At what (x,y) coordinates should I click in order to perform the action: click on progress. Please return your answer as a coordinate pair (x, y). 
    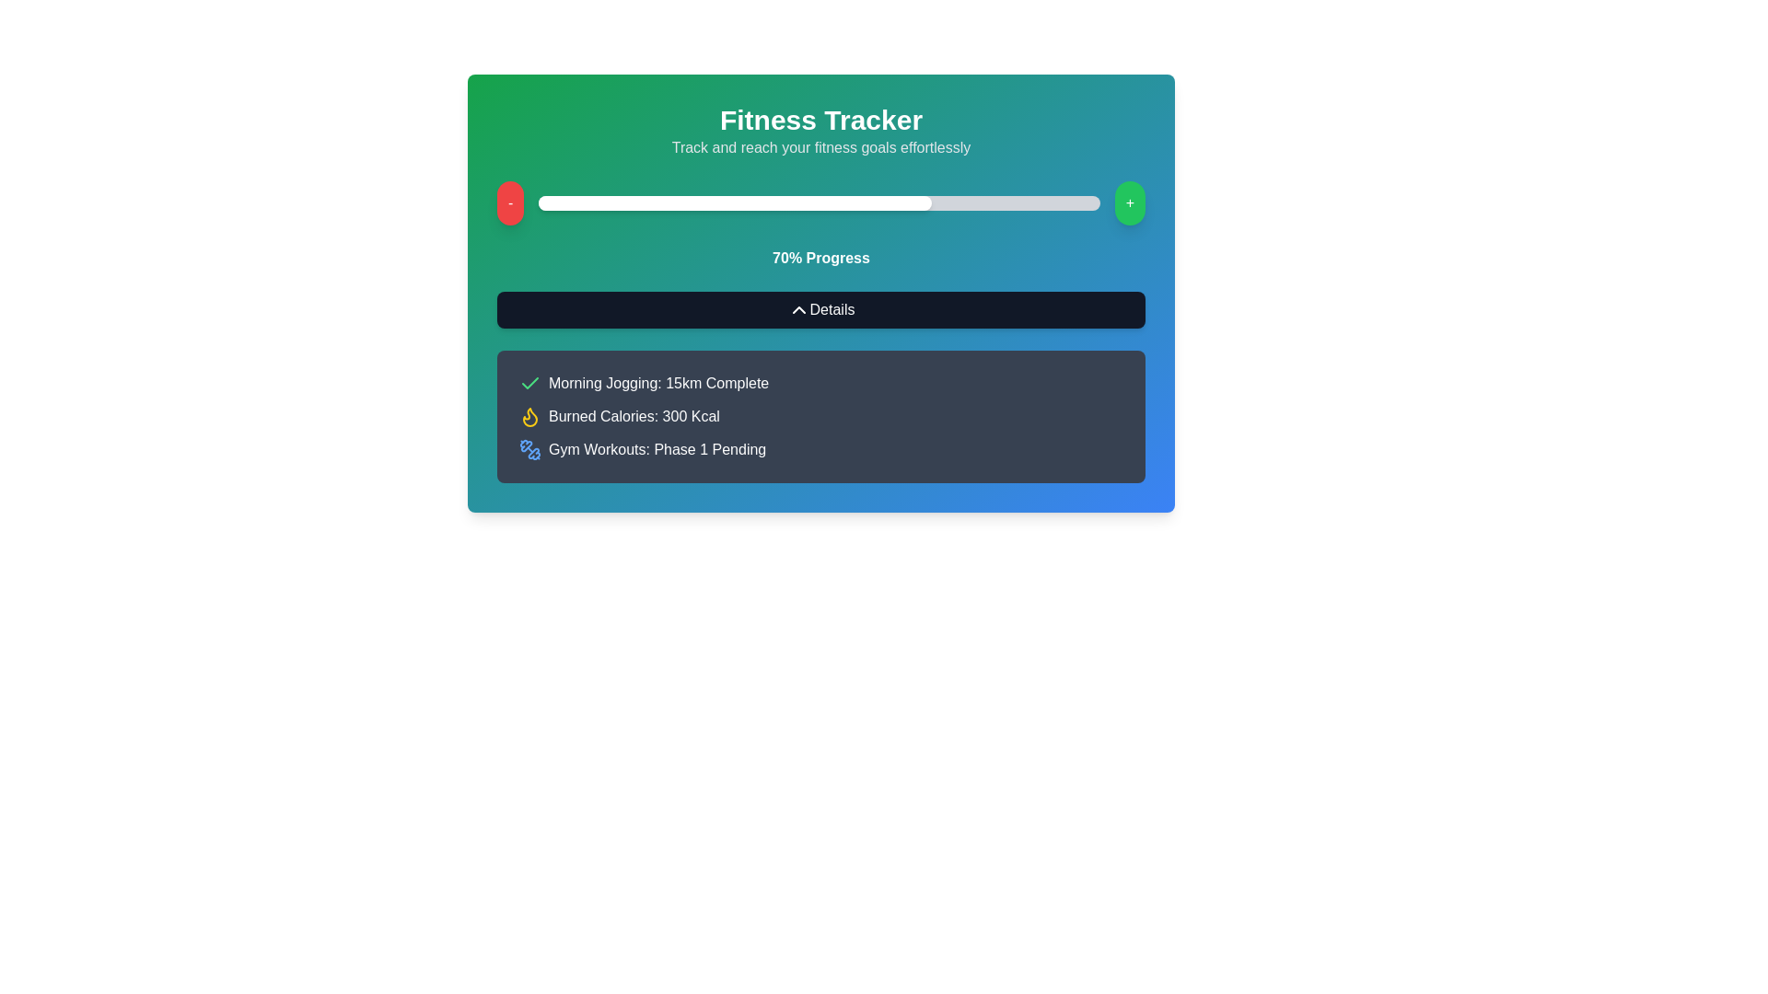
    Looking at the image, I should click on (785, 202).